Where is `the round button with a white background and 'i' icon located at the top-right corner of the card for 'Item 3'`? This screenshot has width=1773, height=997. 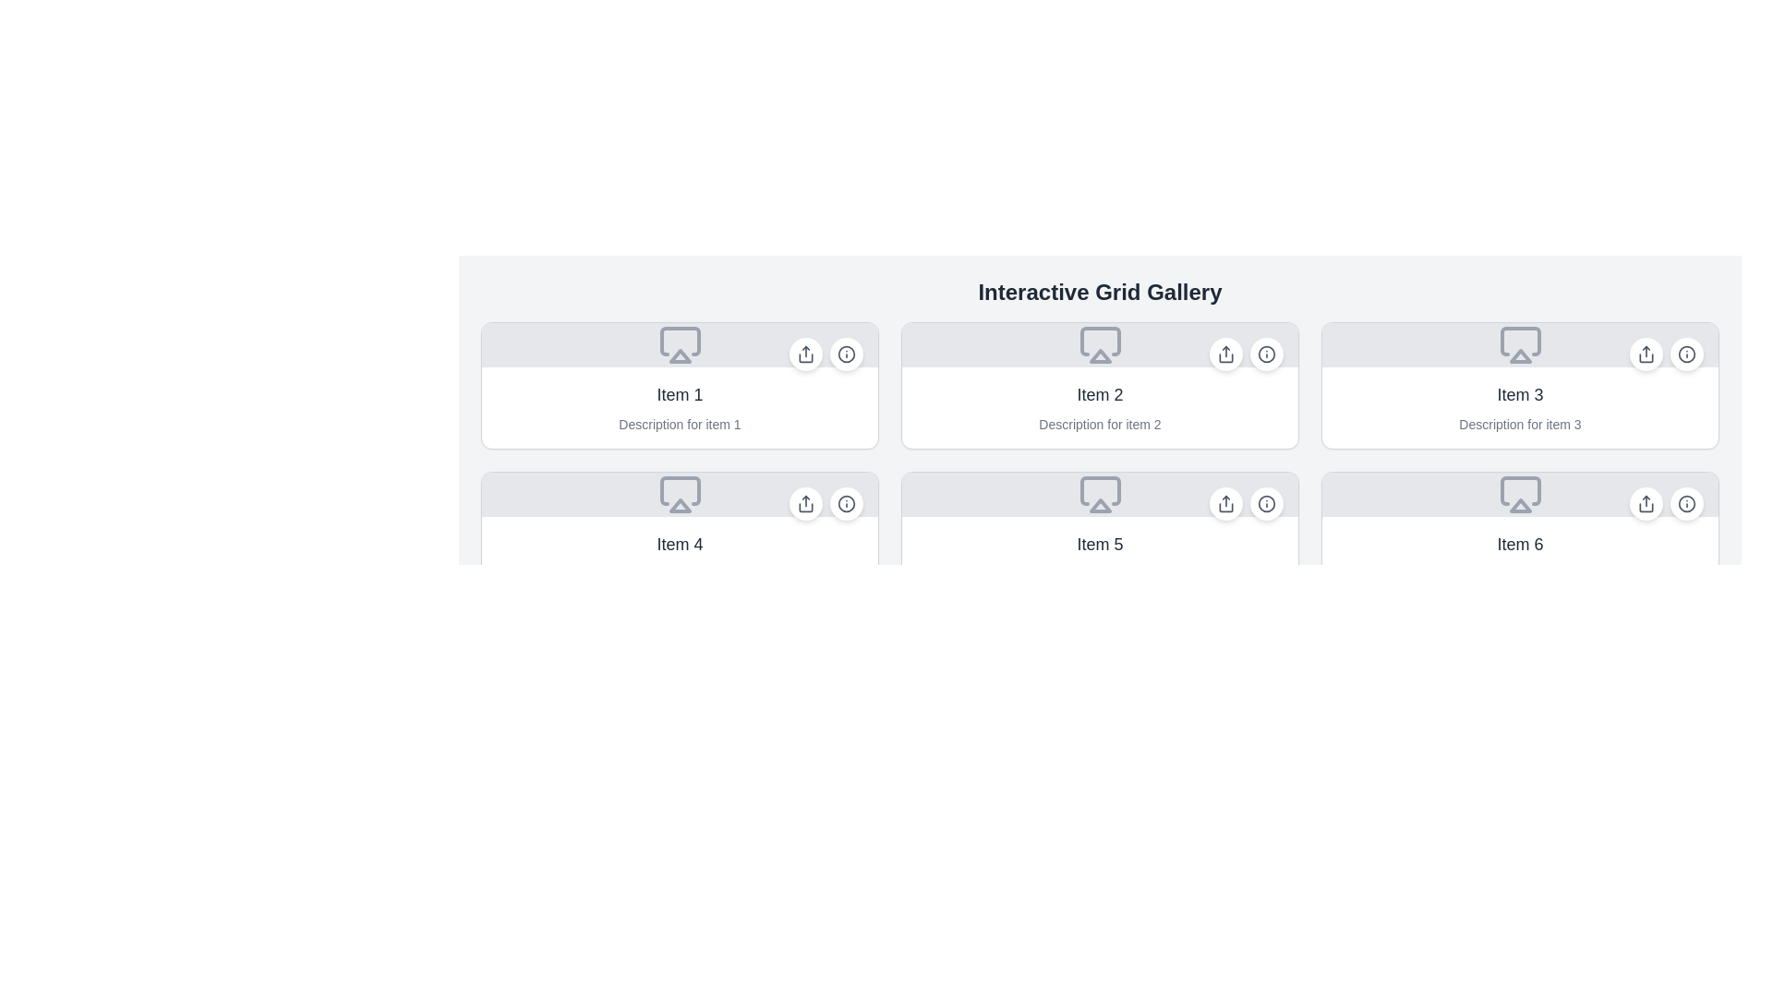
the round button with a white background and 'i' icon located at the top-right corner of the card for 'Item 3' is located at coordinates (1687, 354).